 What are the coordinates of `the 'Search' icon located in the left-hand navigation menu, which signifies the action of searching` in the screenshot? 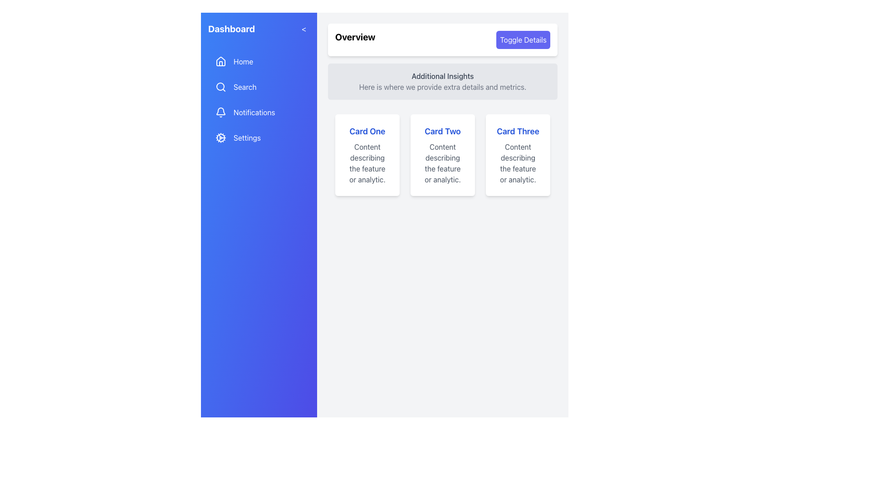 It's located at (220, 87).